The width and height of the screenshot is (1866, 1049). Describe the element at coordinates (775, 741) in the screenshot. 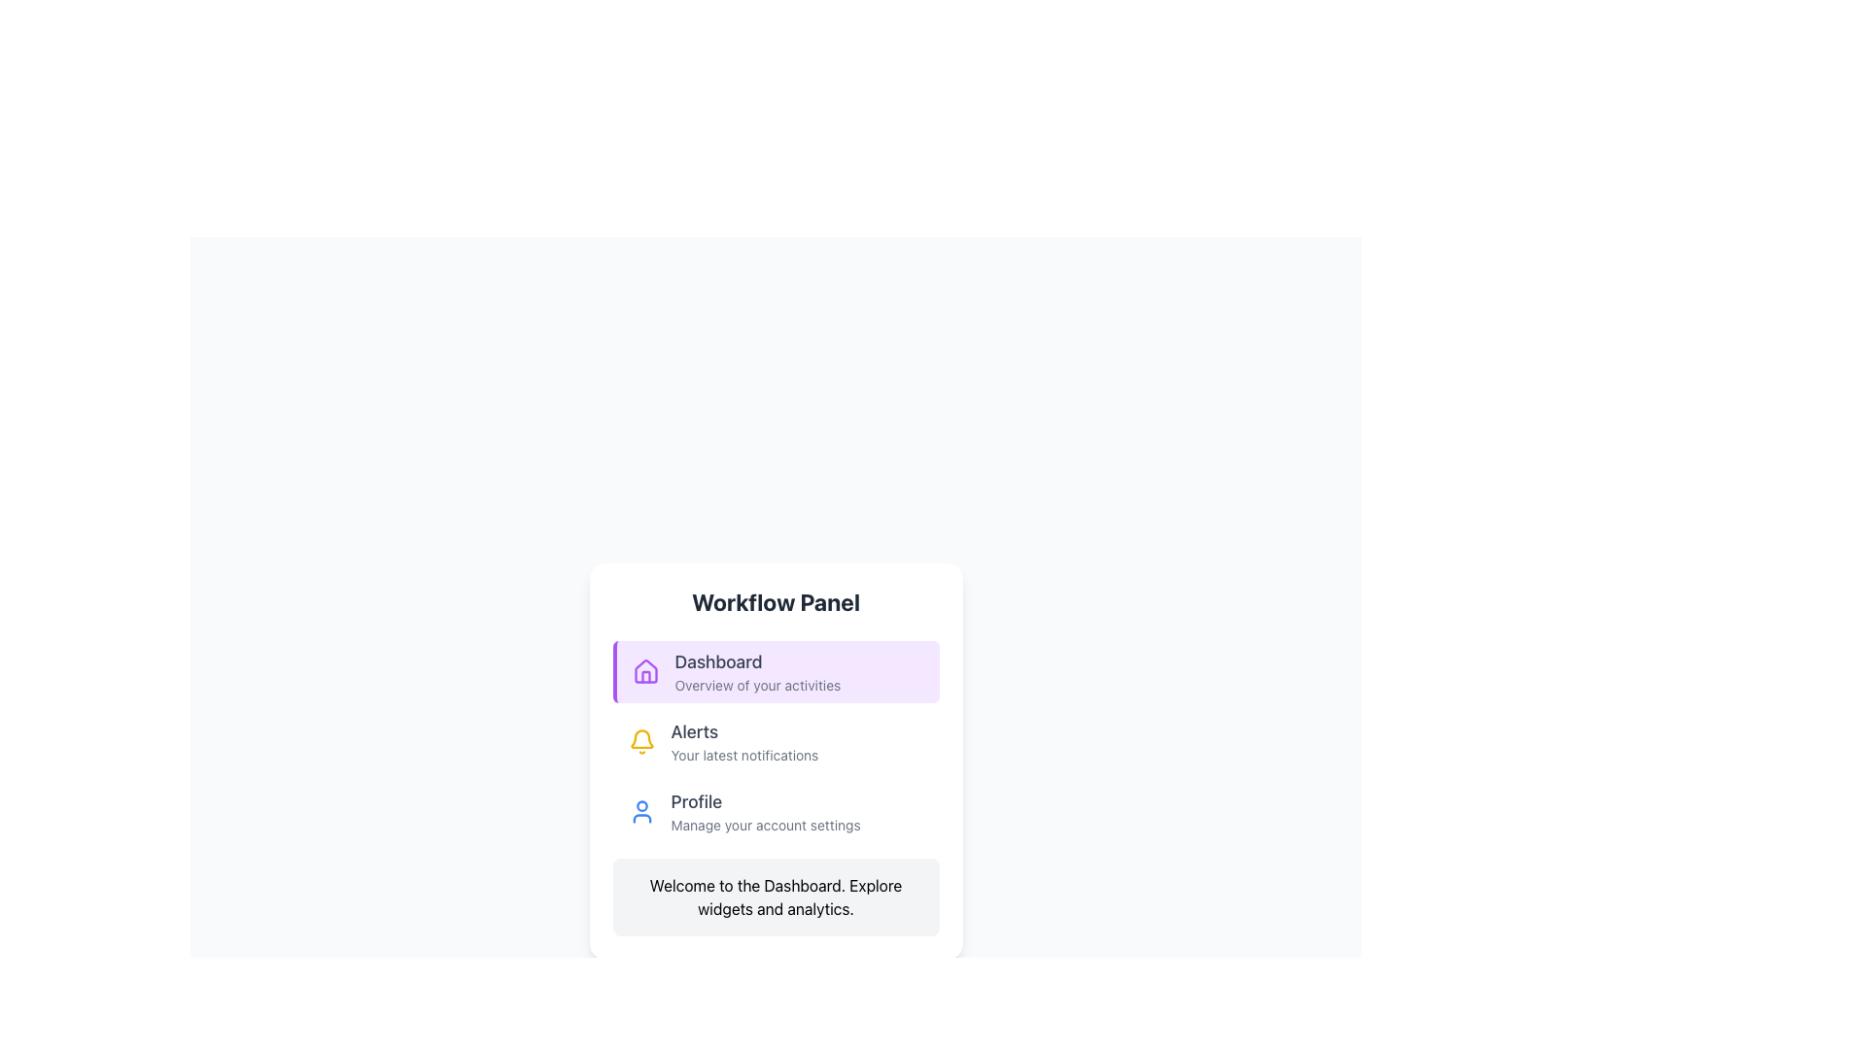

I see `the 'Alerts' subsection in the navigation menu located in the 'Workflow Panel'` at that location.